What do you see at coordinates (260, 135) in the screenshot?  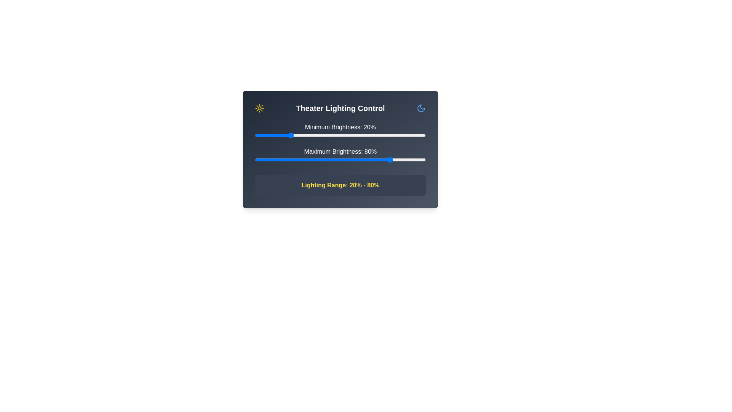 I see `the minimum brightness to 3% by interacting with the slider` at bounding box center [260, 135].